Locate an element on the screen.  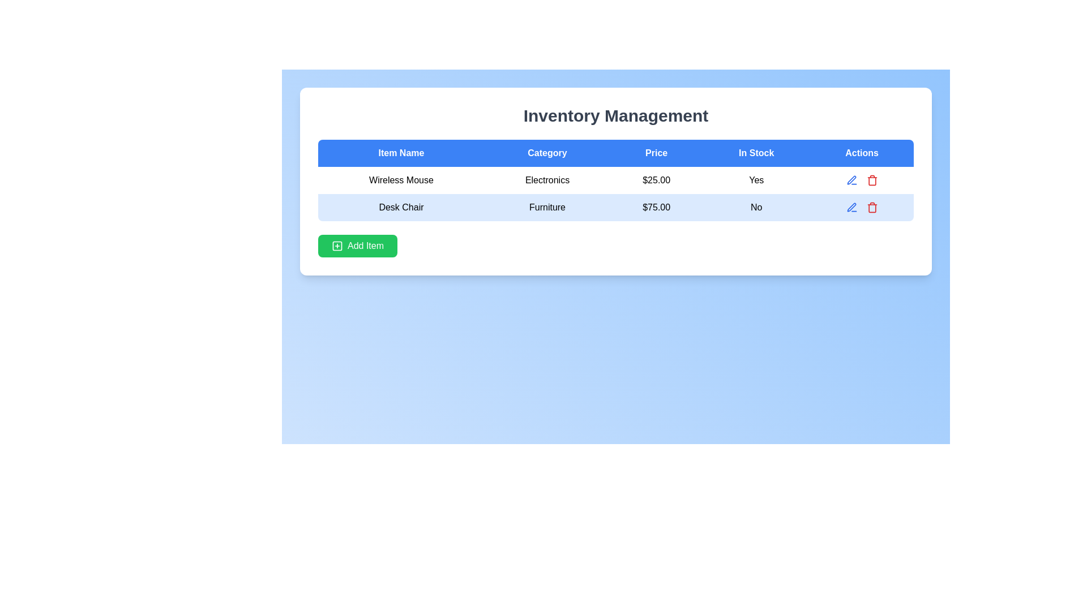
the table cell displaying the inventory item name located in the second row's first column, which is positioned under the 'Item Name' header, to use it as part of an adjacent interaction is located at coordinates (401, 207).